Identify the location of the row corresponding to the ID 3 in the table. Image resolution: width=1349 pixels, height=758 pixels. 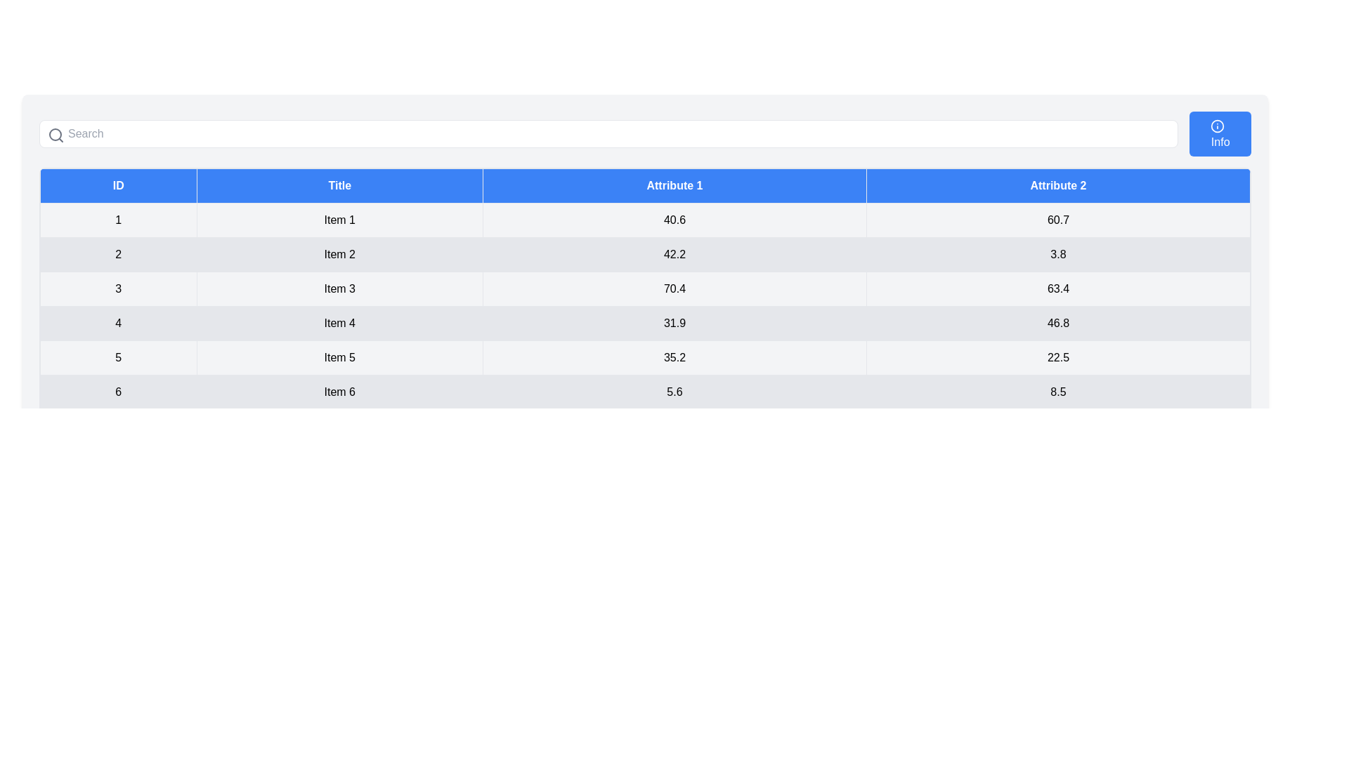
(644, 288).